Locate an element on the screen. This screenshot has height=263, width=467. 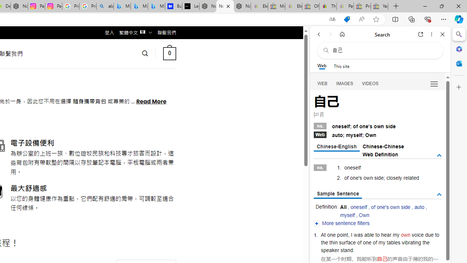
'na.oneself; of one' is located at coordinates (377, 125).